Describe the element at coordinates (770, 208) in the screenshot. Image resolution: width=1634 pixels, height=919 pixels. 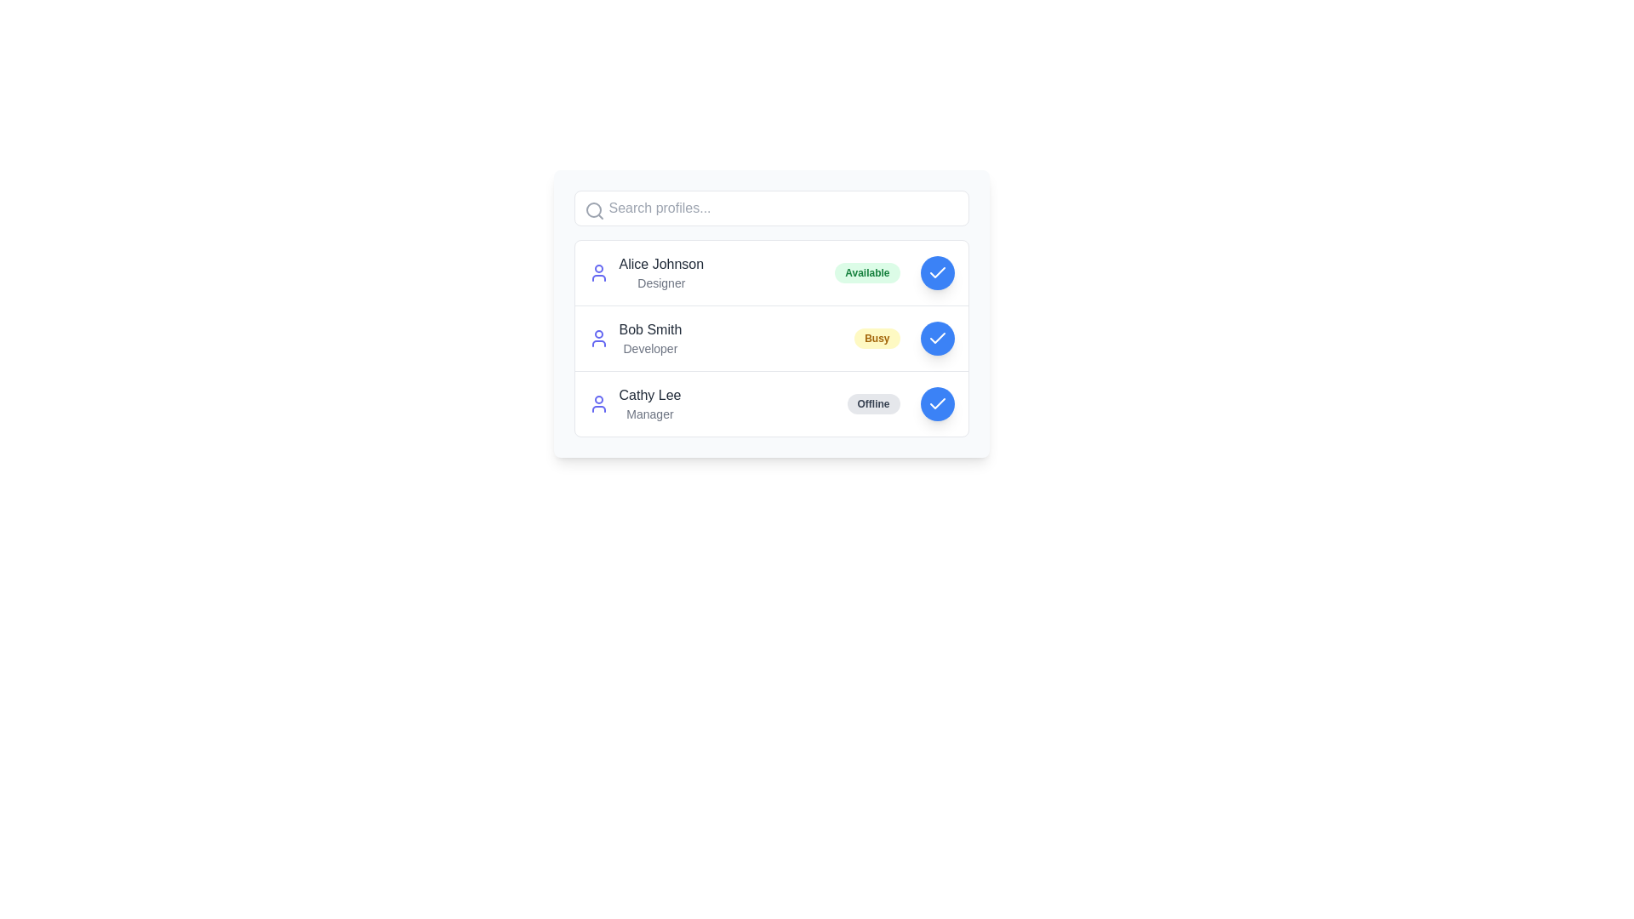
I see `the search input field to focus it, which allows users to type search terms to filter profiles` at that location.